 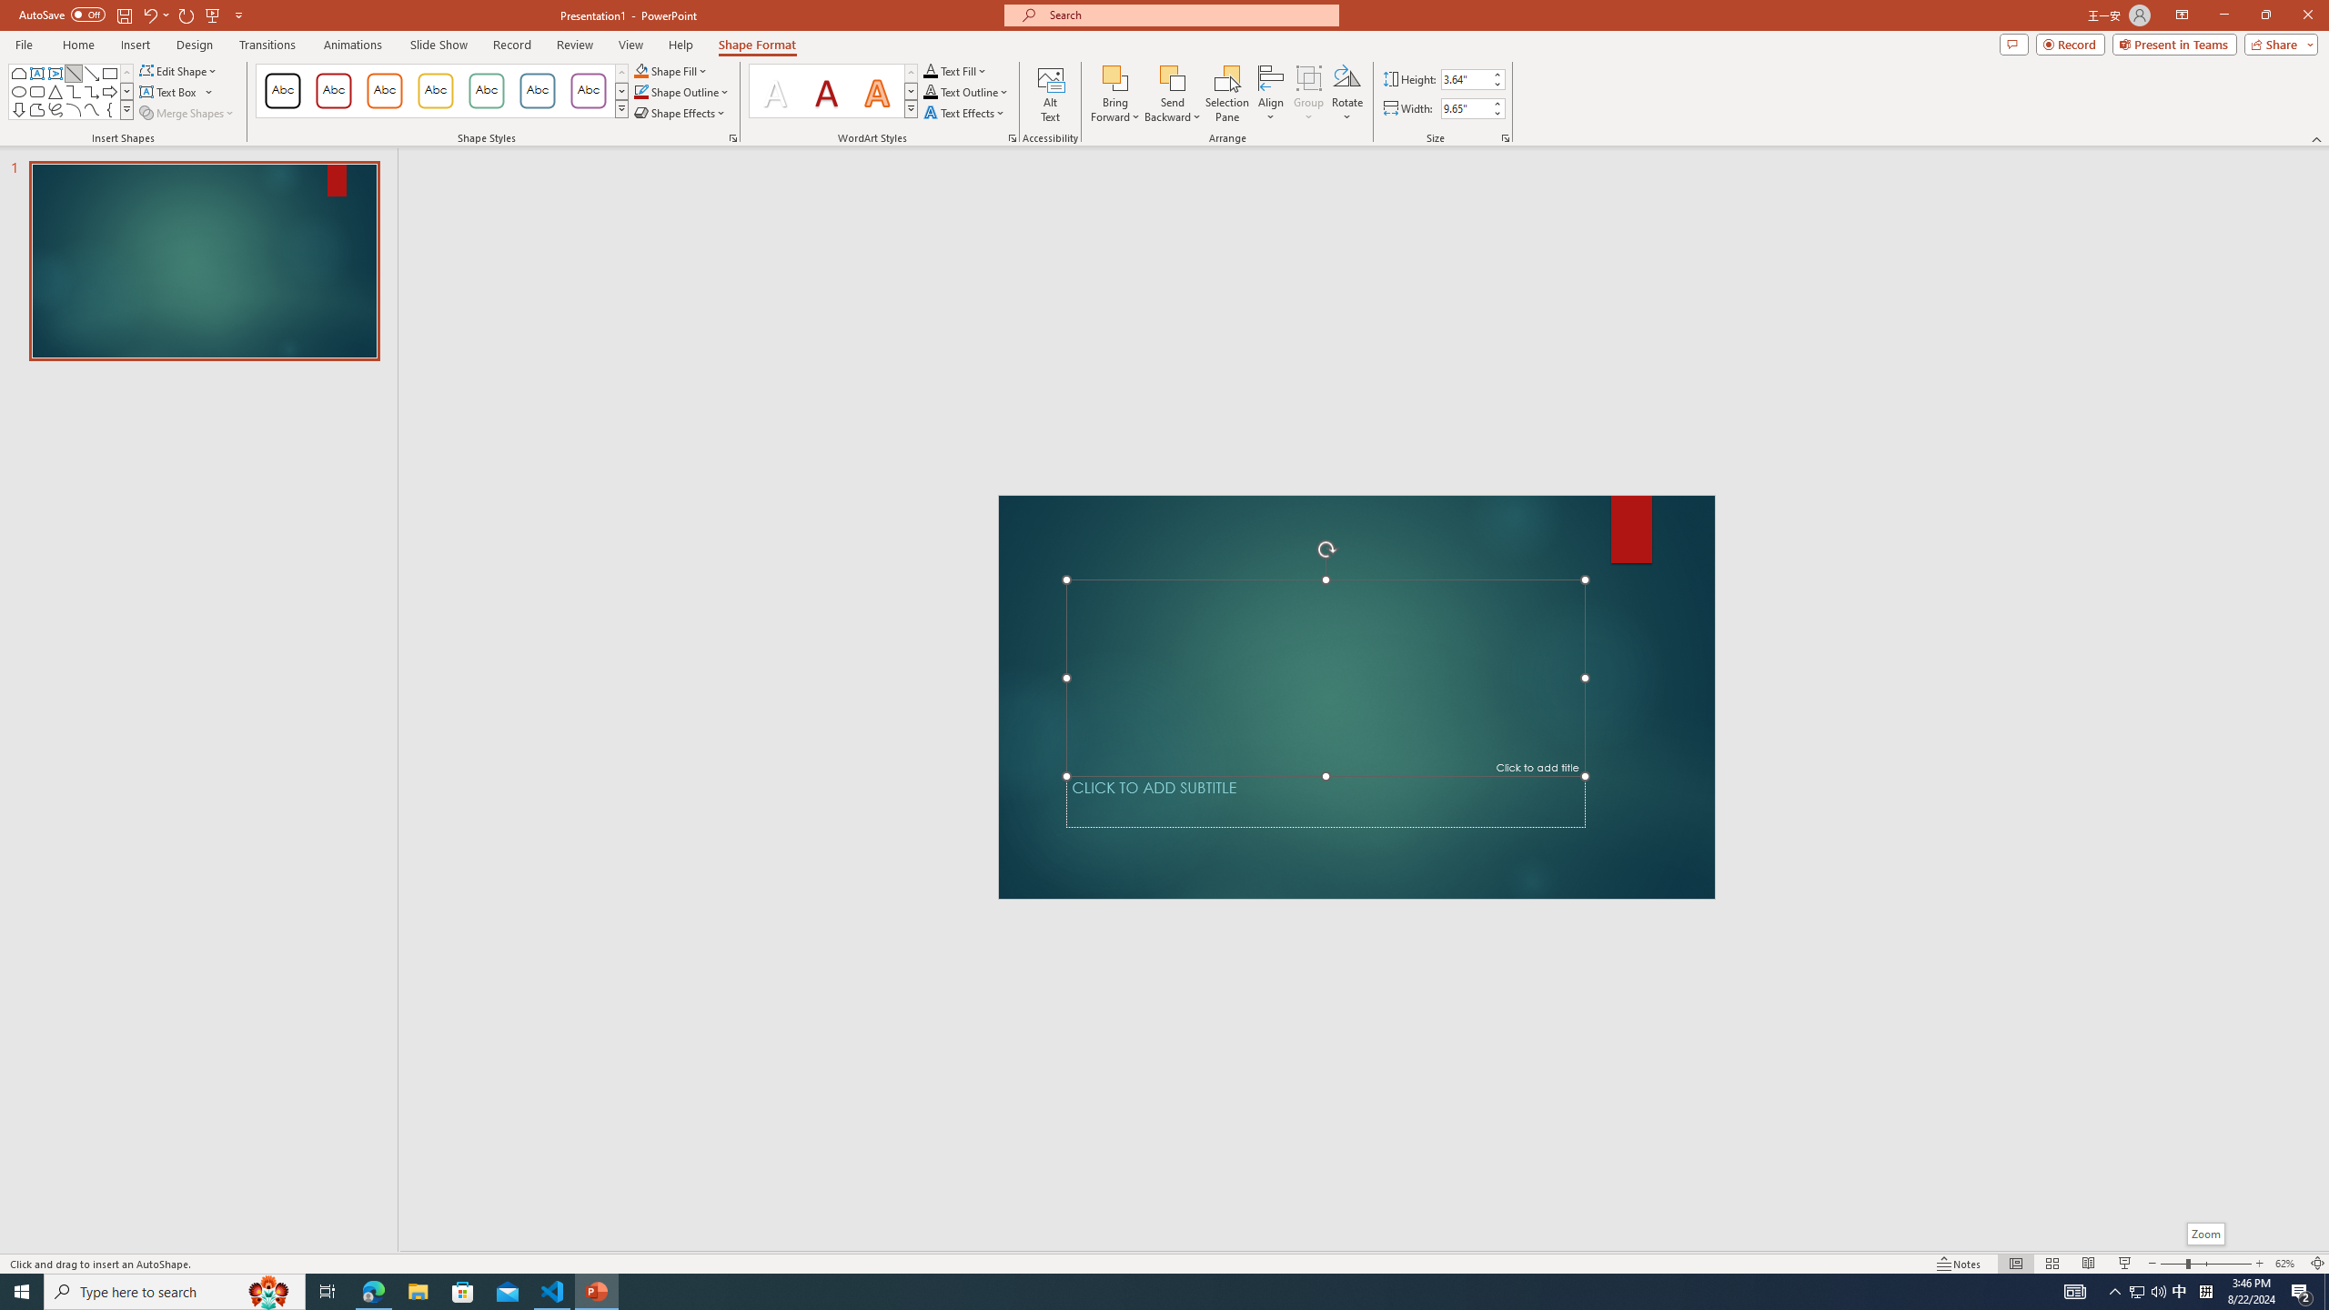 What do you see at coordinates (682, 90) in the screenshot?
I see `'Shape Outline'` at bounding box center [682, 90].